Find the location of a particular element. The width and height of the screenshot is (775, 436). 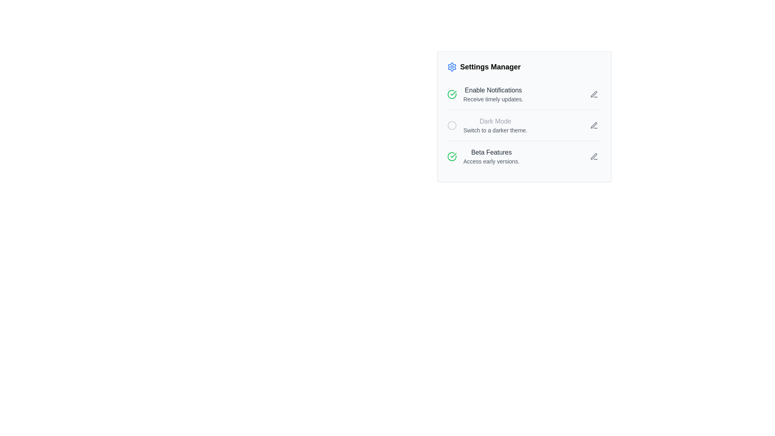

the pen icon button located at the far right side of the 'Enable Notifications' section in the 'Settings Manager' interface is located at coordinates (594, 94).